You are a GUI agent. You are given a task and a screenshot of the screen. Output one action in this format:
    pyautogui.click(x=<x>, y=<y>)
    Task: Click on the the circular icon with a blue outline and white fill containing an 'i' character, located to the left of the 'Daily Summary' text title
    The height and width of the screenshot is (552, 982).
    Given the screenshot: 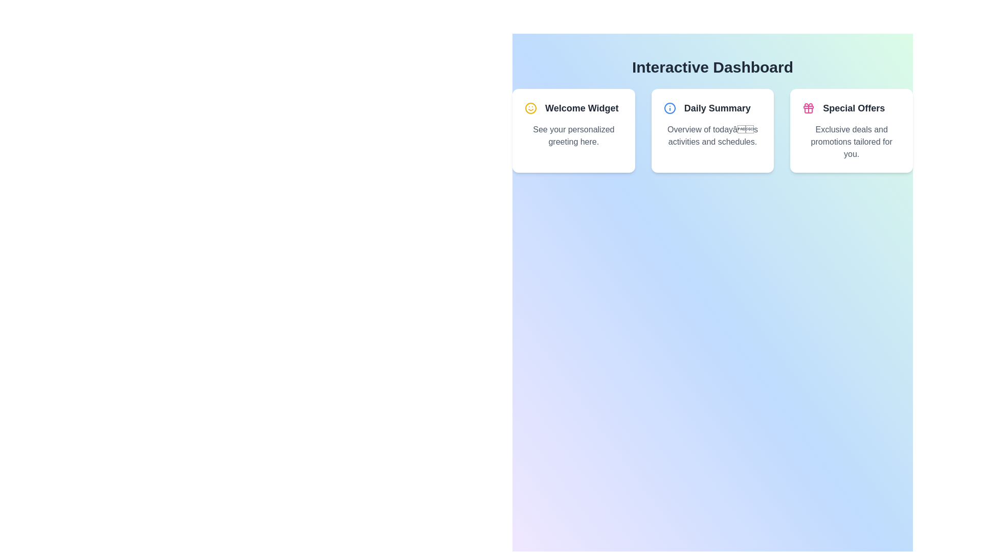 What is the action you would take?
    pyautogui.click(x=669, y=108)
    